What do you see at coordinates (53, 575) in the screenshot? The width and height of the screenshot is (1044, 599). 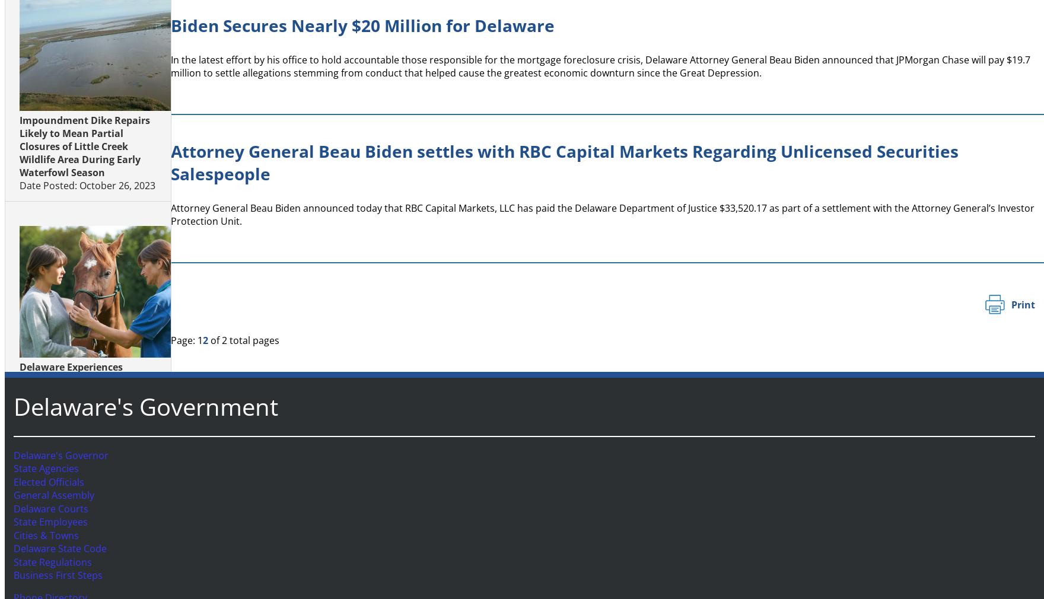 I see `'Business First Steps'` at bounding box center [53, 575].